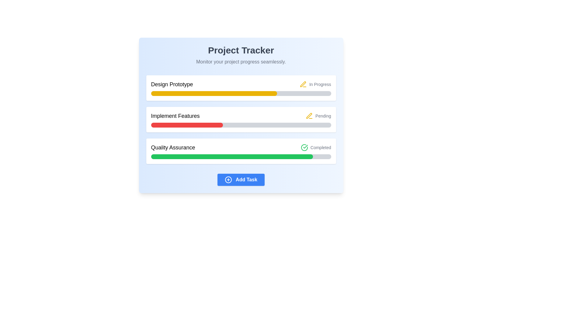  Describe the element at coordinates (320, 84) in the screenshot. I see `the text label indicating the current status ('In Progress') of the task in the top-right corner of the 'Design Prototype' task row, next to the yellow progress bar and pencil icon` at that location.